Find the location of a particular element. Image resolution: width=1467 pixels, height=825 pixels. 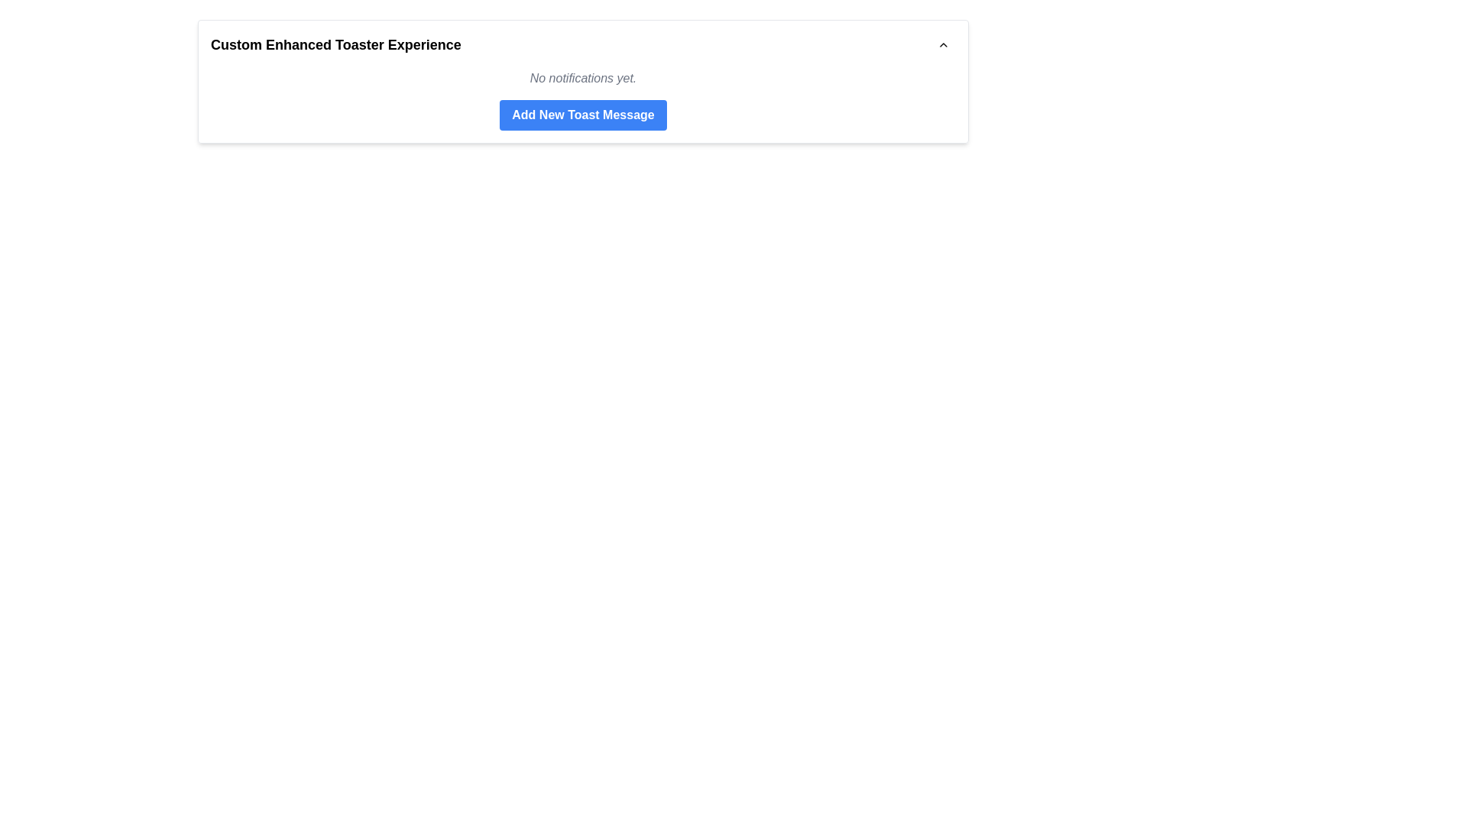

the informational text element indicating that there are currently no notifications for the user, located above the 'Add New Toast Message' button is located at coordinates (582, 78).